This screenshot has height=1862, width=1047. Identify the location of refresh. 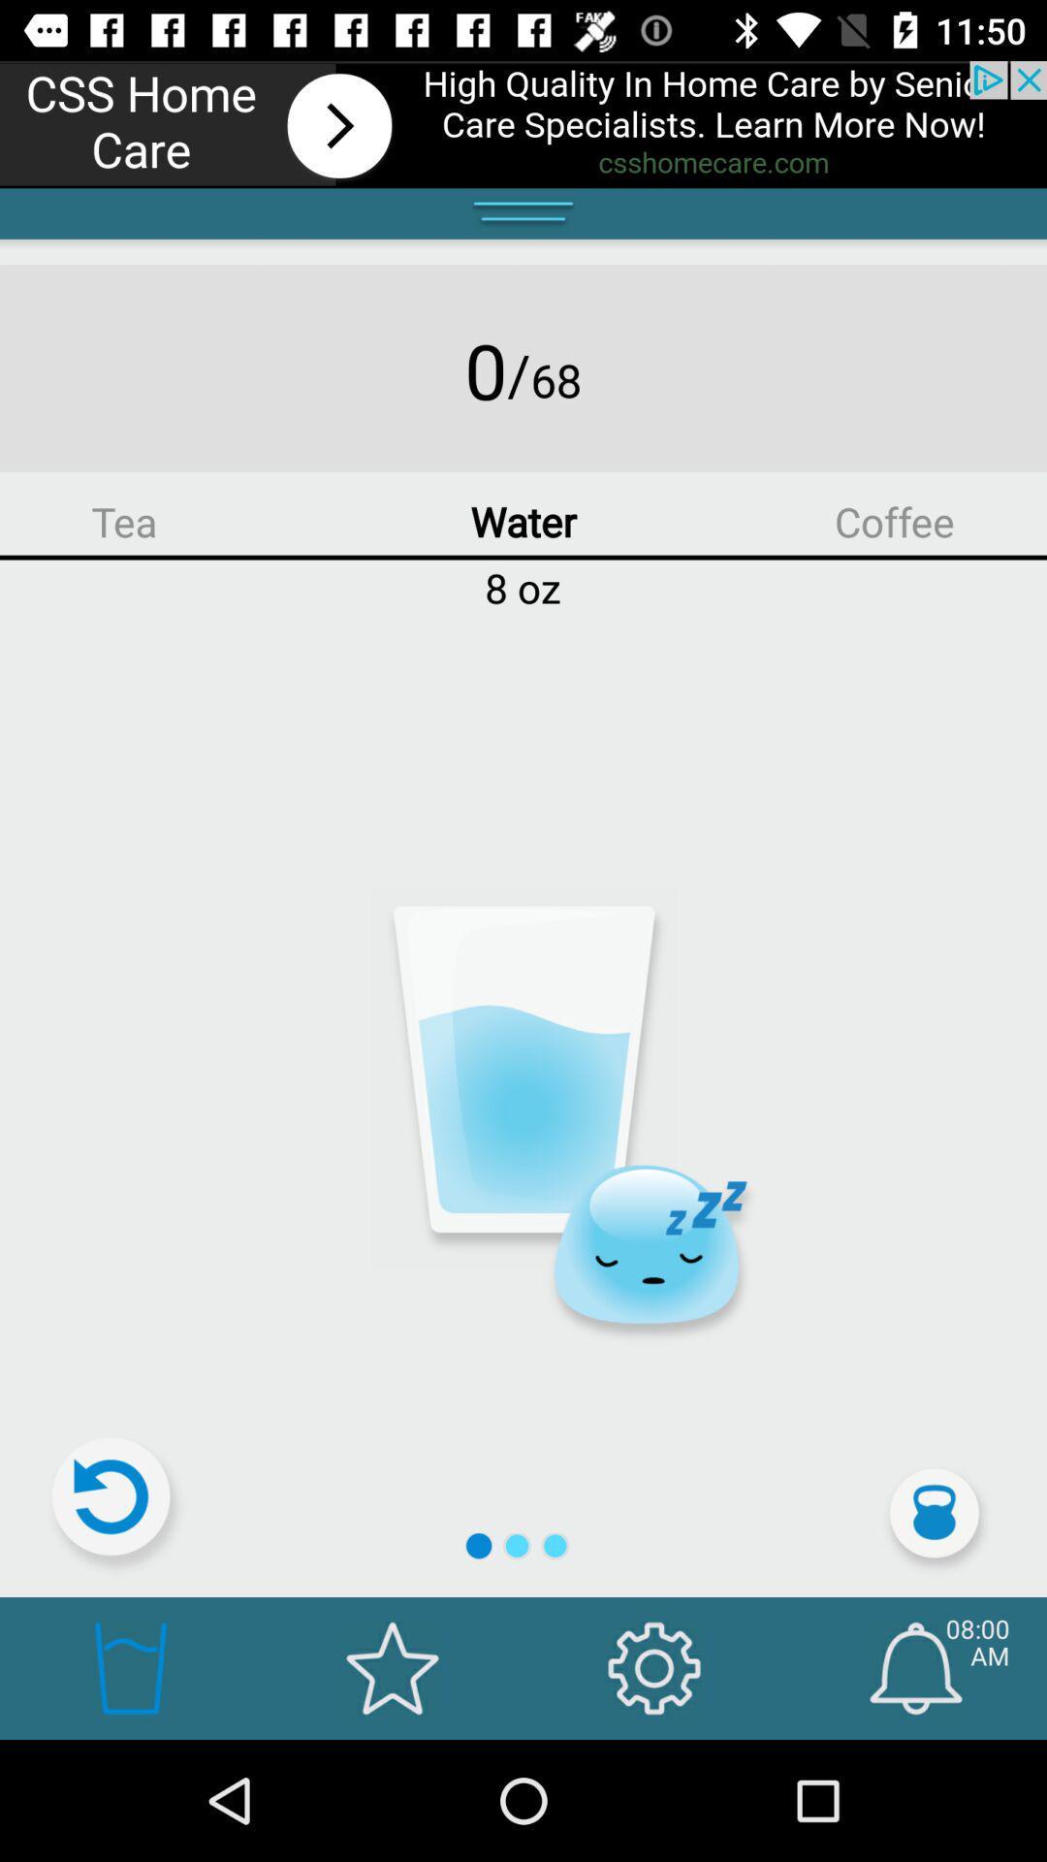
(119, 1504).